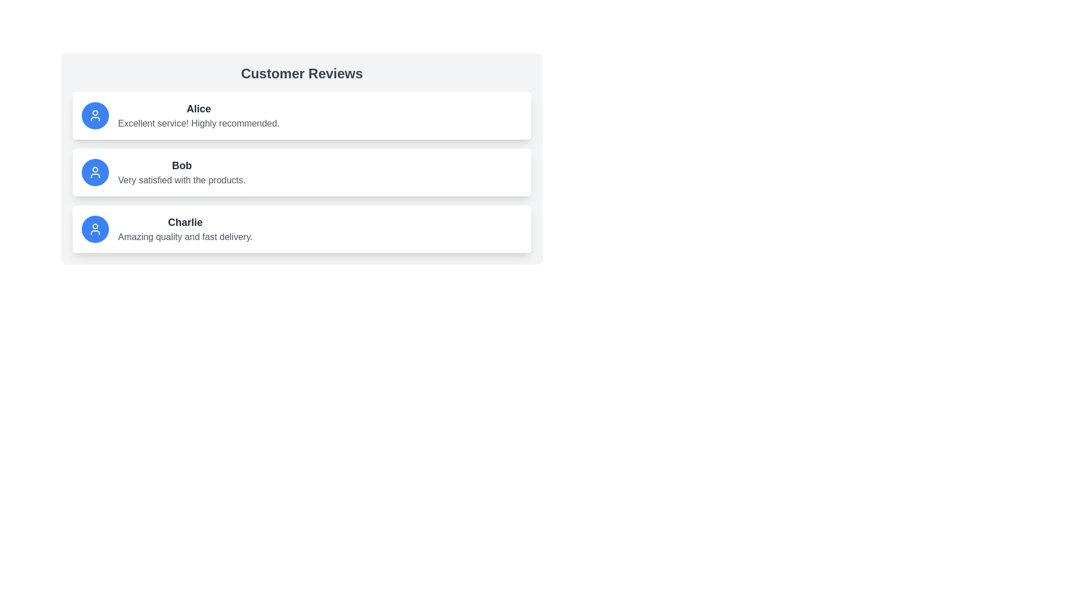 This screenshot has width=1090, height=613. What do you see at coordinates (95, 229) in the screenshot?
I see `the user profile icon, which is styled with a blue background and white lines, located in the third list item under the 'Customer Reviews' header, next to the text 'Charlie' and 'Amazing quality and fast delivery.'` at bounding box center [95, 229].